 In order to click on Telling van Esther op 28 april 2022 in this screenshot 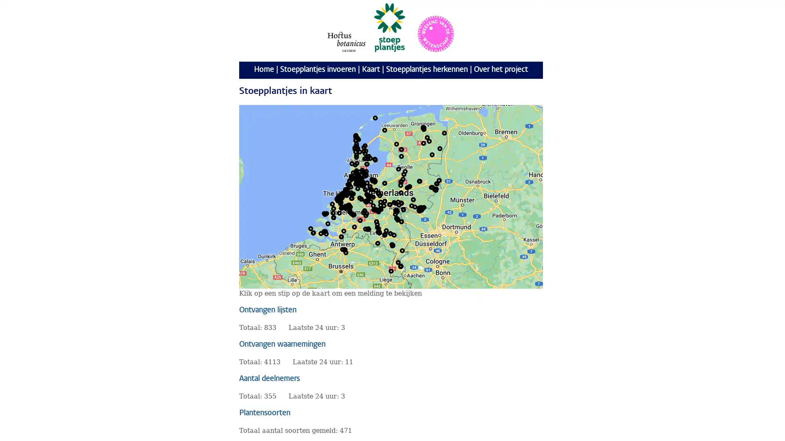, I will do `click(398, 168)`.